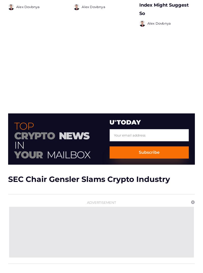 The width and height of the screenshot is (203, 273). Describe the element at coordinates (101, 202) in the screenshot. I see `'Advertisement'` at that location.